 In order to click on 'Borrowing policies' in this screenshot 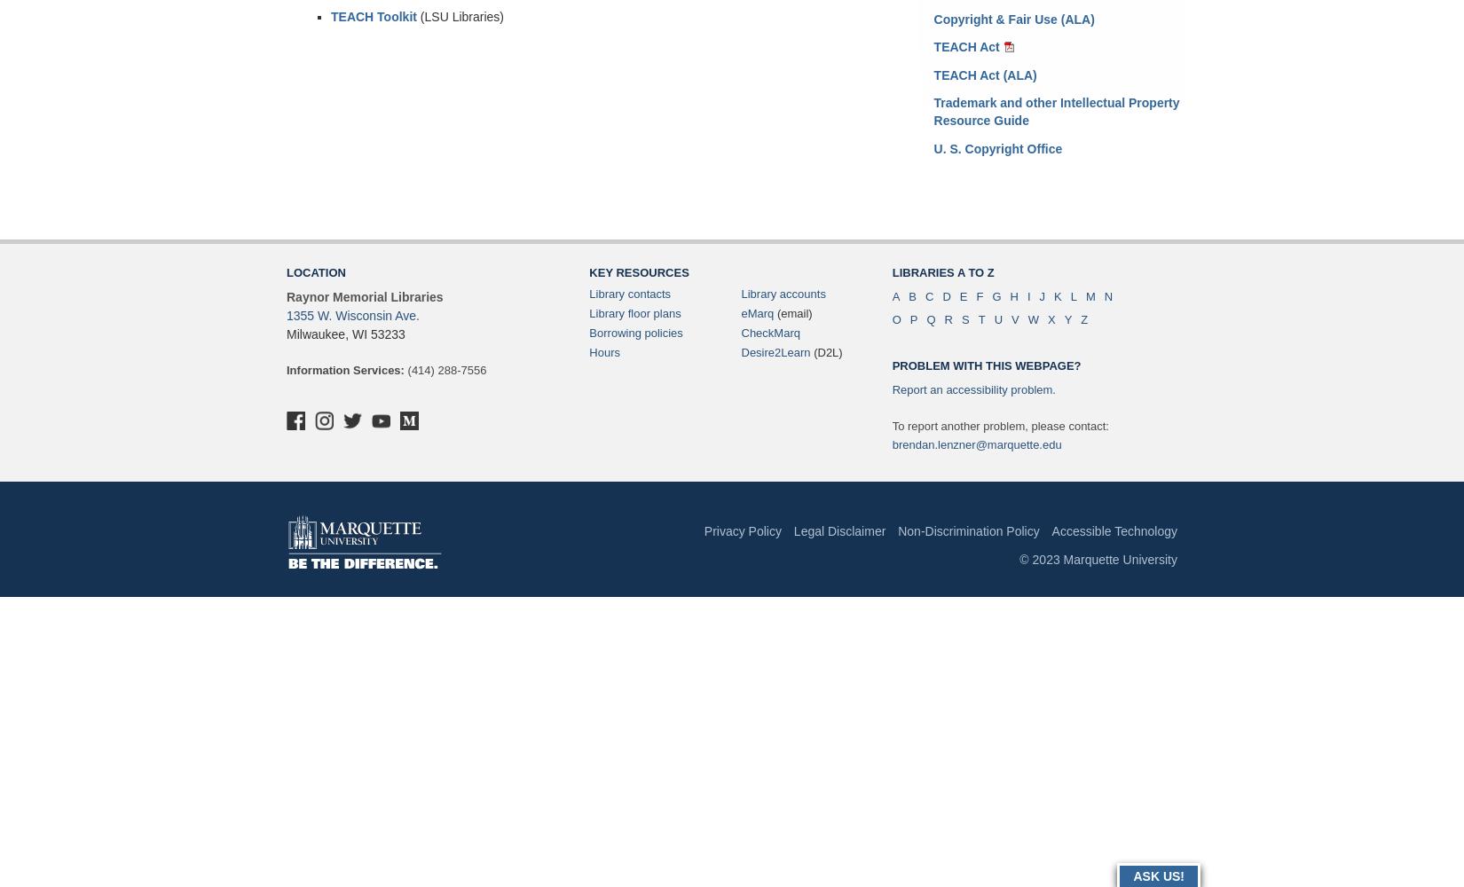, I will do `click(634, 333)`.